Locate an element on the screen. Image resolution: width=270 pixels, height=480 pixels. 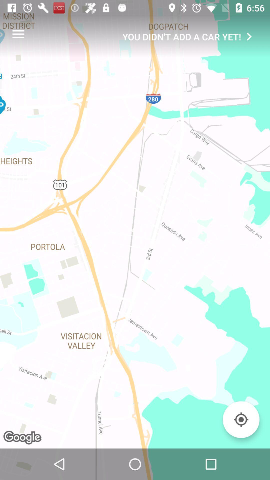
location button is located at coordinates (241, 419).